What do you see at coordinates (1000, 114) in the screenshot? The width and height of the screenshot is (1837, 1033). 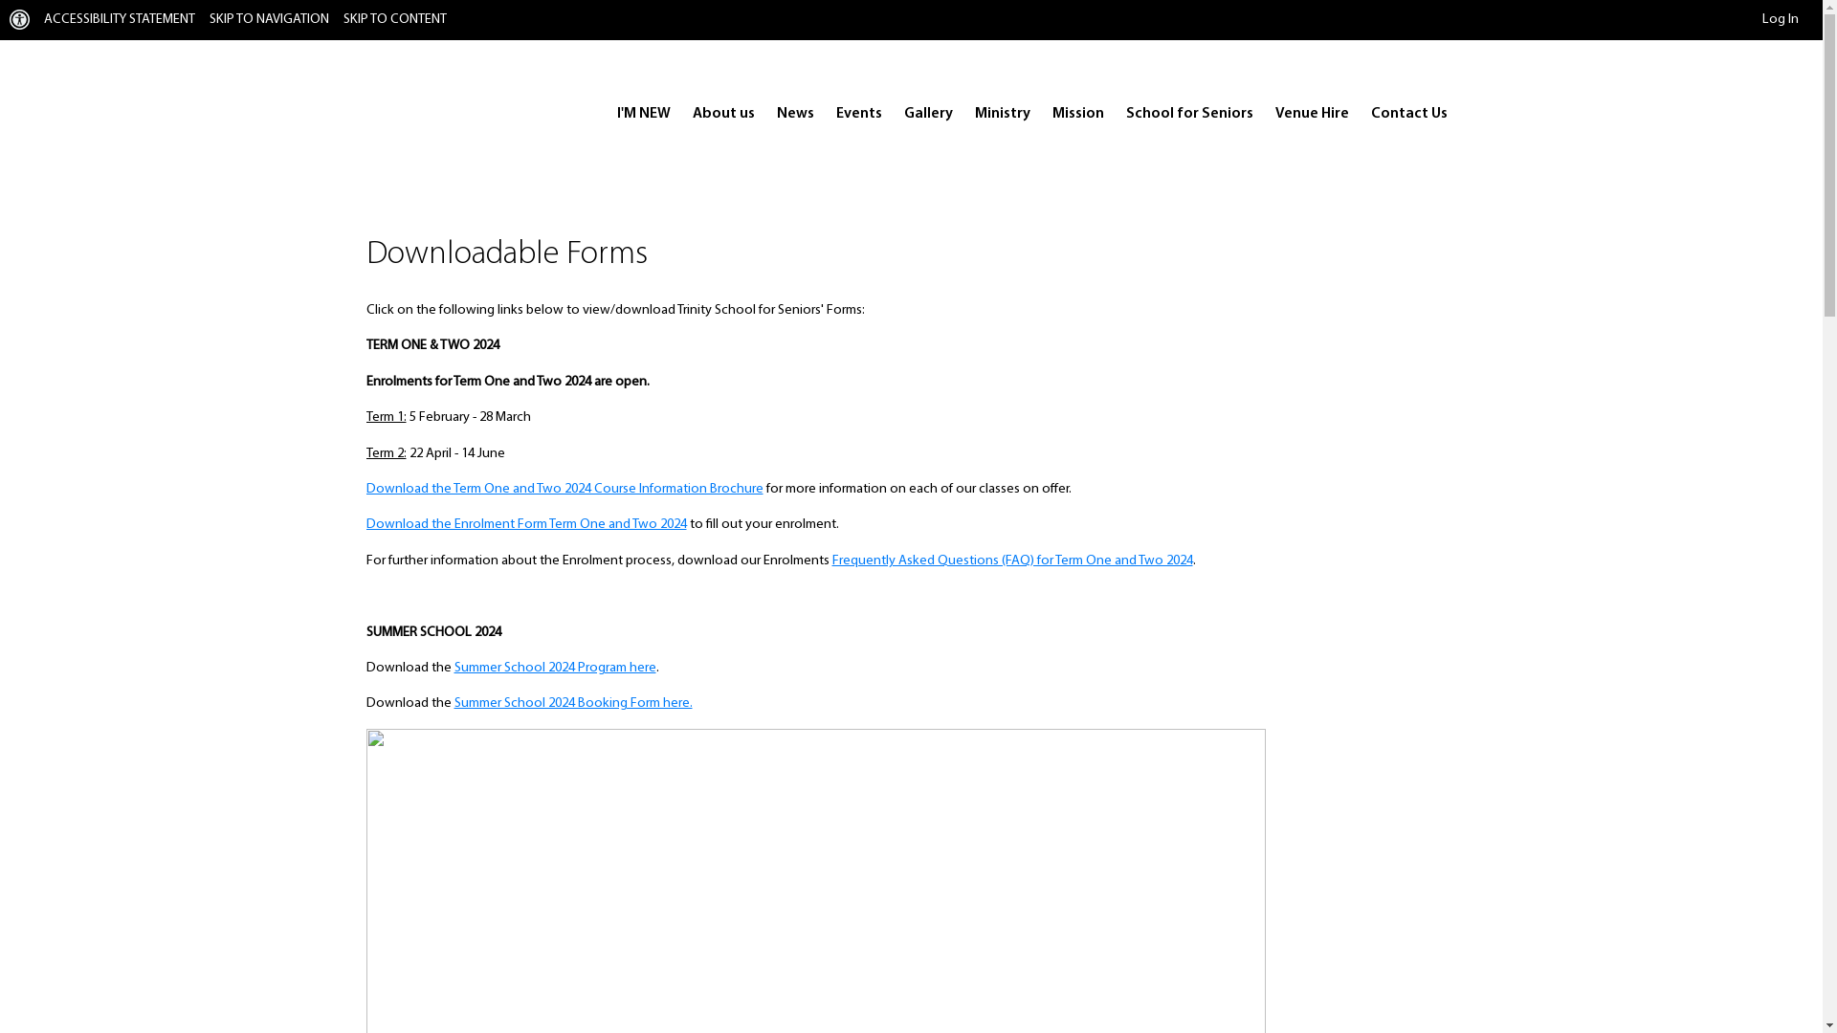 I see `'Ministry'` at bounding box center [1000, 114].